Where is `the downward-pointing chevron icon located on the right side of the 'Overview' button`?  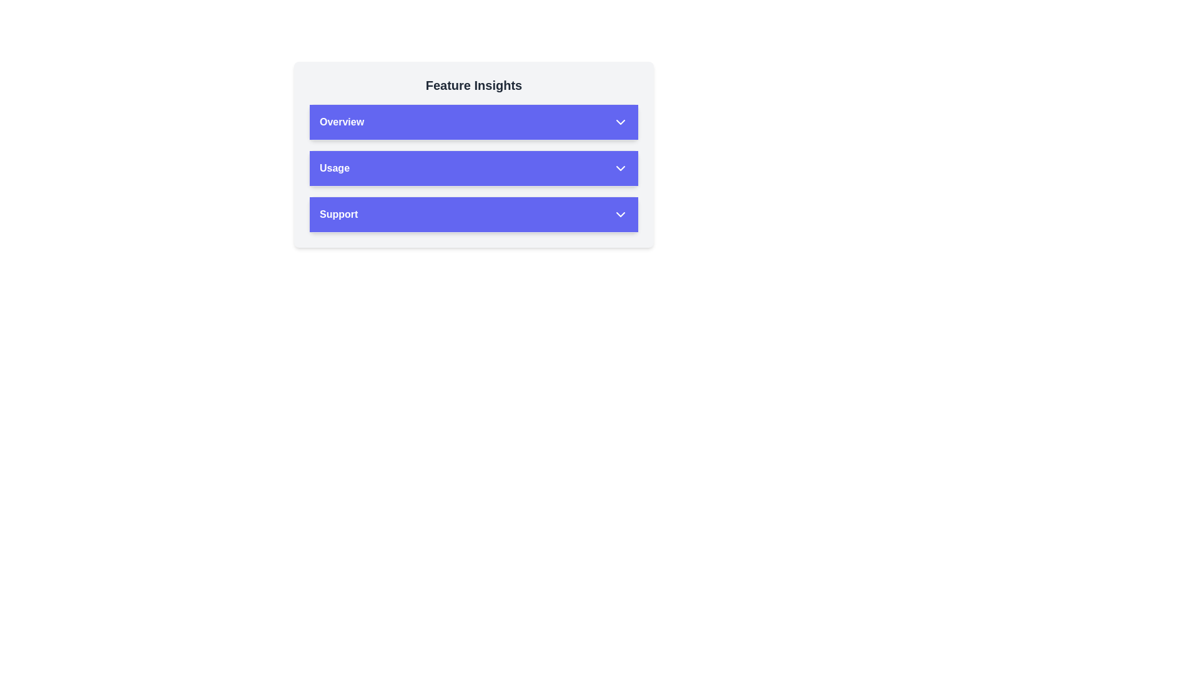
the downward-pointing chevron icon located on the right side of the 'Overview' button is located at coordinates (620, 122).